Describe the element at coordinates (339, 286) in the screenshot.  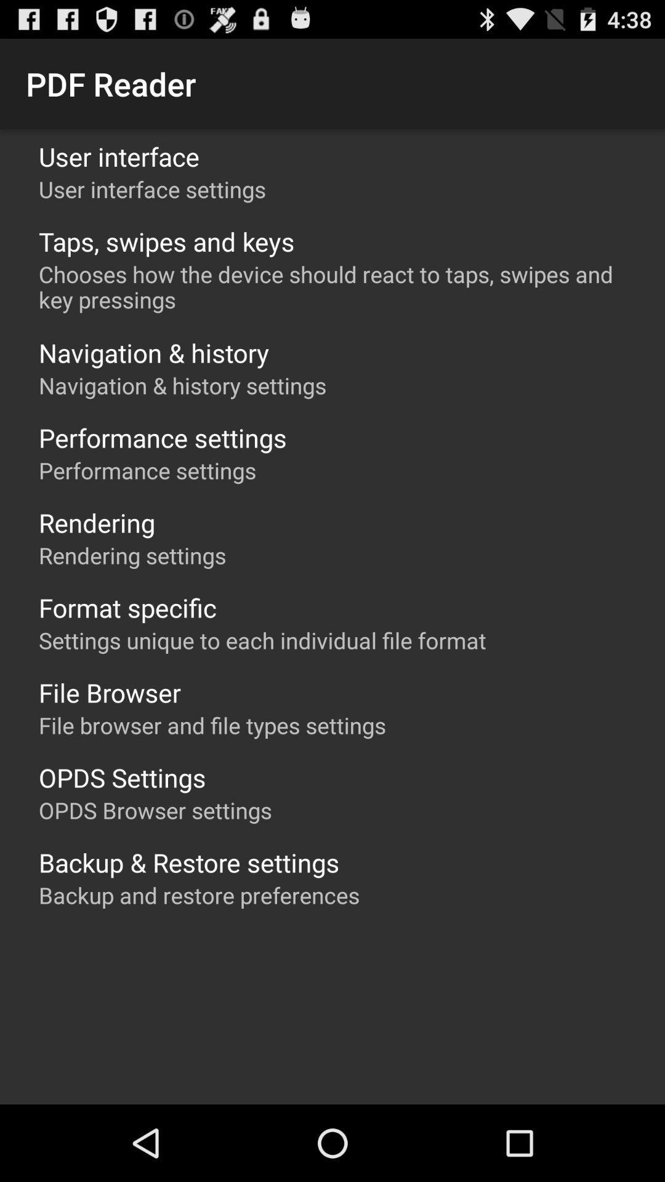
I see `chooses how the app` at that location.